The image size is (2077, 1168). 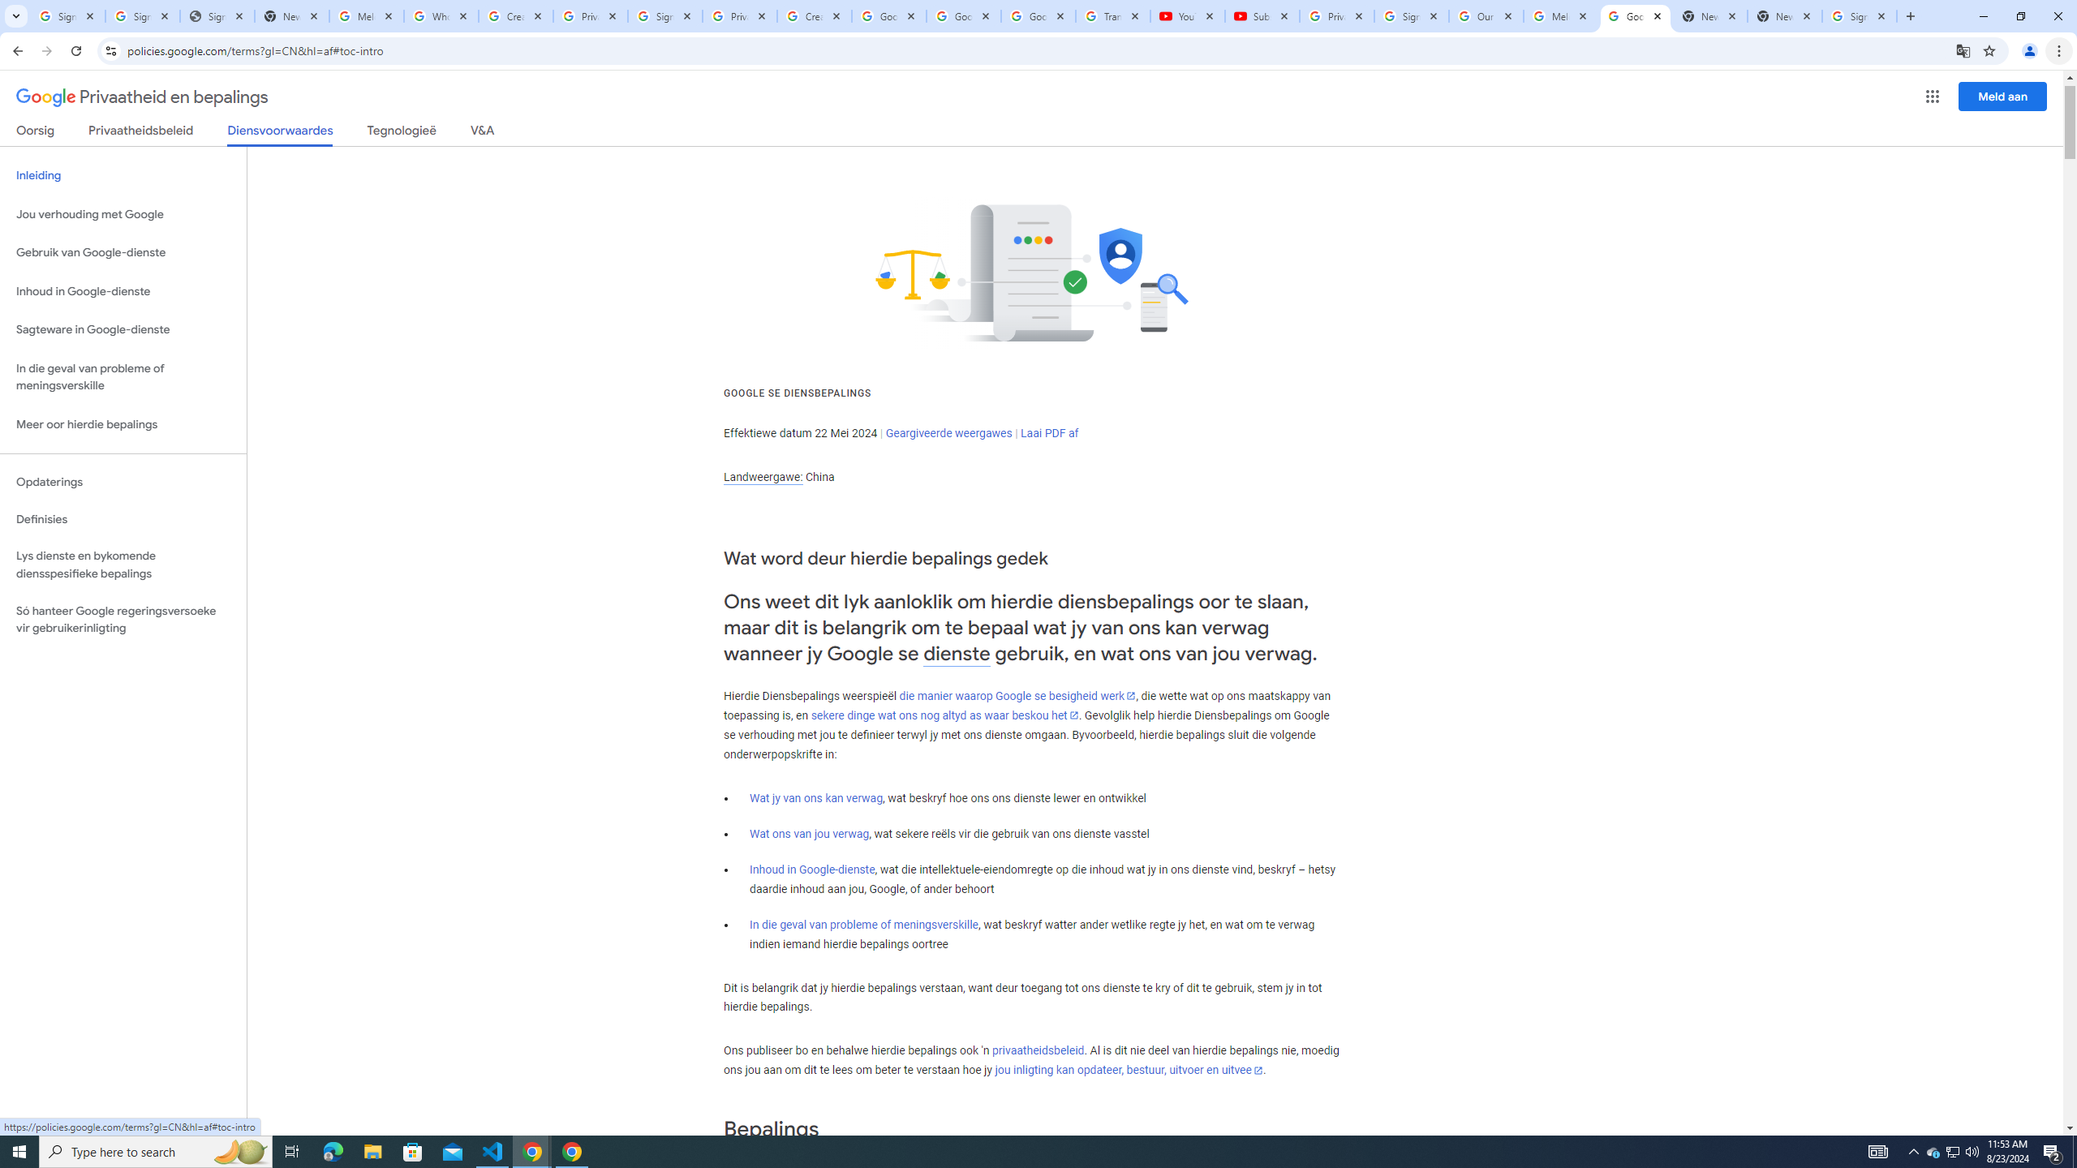 I want to click on 'Translate this page', so click(x=1963, y=49).